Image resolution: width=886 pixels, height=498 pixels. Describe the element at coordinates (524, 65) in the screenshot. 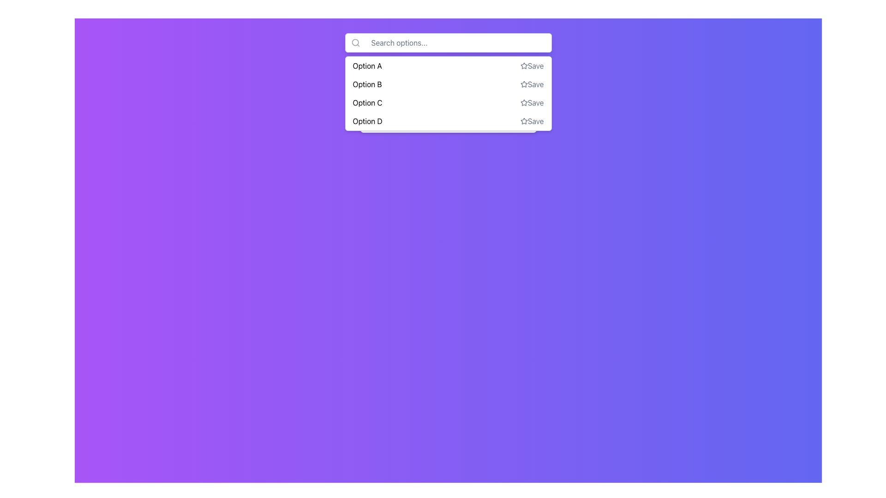

I see `the star icon that marks an item as saved or favorited, located to the right of the 'Option A' label and aligned with the 'Save' text` at that location.